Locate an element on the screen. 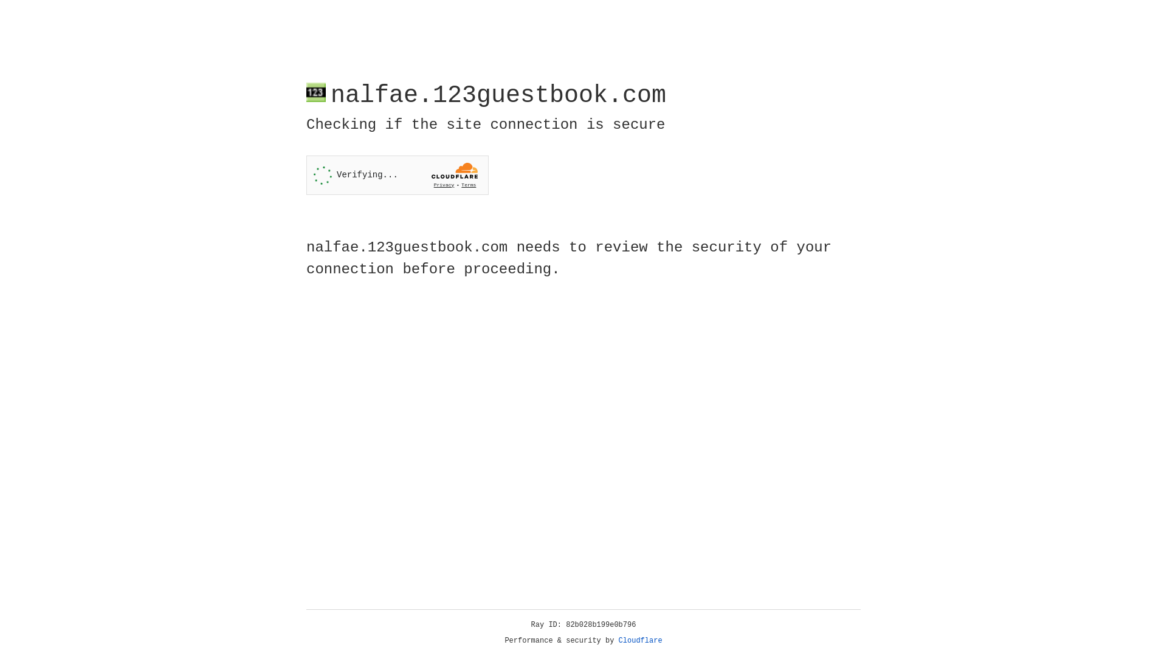 The height and width of the screenshot is (656, 1167). 'Cloudflare' is located at coordinates (640, 640).